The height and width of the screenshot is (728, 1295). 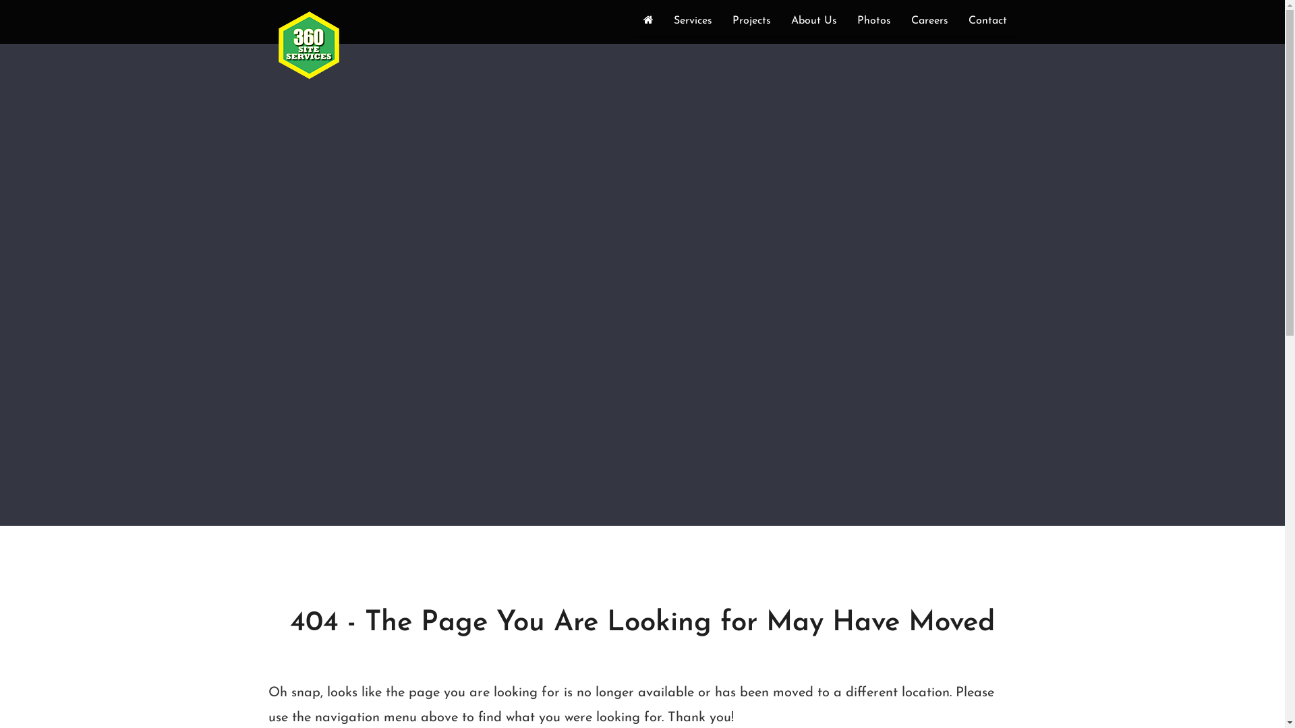 I want to click on 'Projects', so click(x=750, y=22).